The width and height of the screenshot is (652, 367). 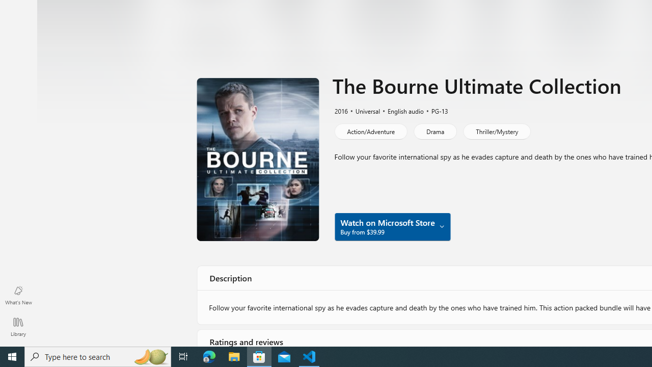 I want to click on 'Drama', so click(x=435, y=131).